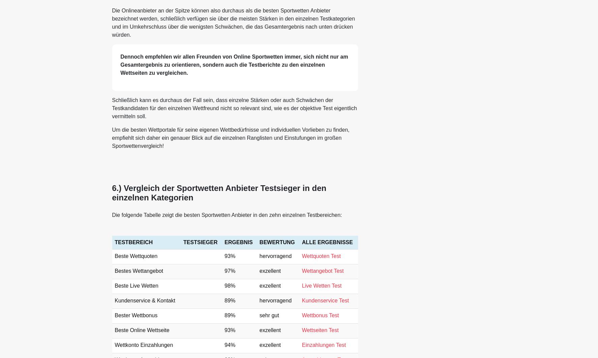 The image size is (598, 358). I want to click on 'Beste Wettquoten', so click(135, 256).